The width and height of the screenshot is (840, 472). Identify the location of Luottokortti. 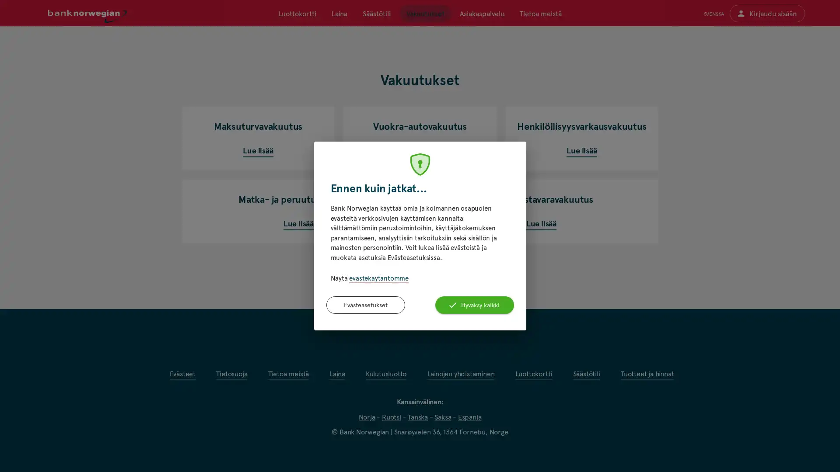
(297, 13).